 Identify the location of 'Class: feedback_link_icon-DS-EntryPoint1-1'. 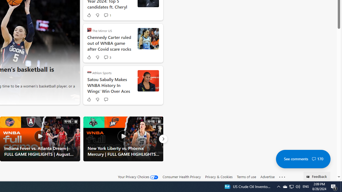
(309, 177).